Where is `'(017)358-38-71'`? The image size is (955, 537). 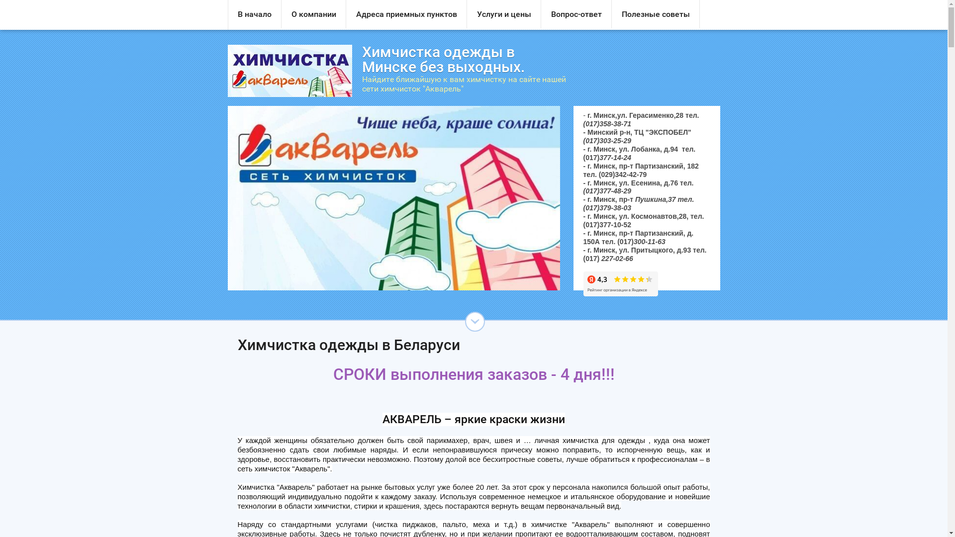
'(017)358-38-71' is located at coordinates (606, 123).